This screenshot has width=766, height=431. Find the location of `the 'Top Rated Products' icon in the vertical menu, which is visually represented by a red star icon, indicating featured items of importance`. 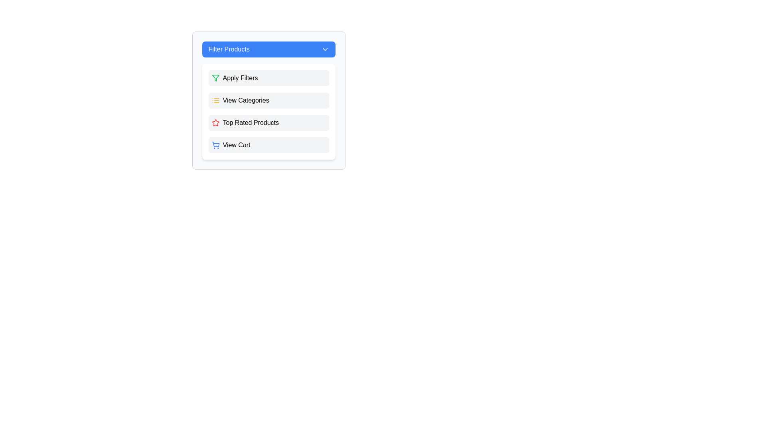

the 'Top Rated Products' icon in the vertical menu, which is visually represented by a red star icon, indicating featured items of importance is located at coordinates (215, 123).